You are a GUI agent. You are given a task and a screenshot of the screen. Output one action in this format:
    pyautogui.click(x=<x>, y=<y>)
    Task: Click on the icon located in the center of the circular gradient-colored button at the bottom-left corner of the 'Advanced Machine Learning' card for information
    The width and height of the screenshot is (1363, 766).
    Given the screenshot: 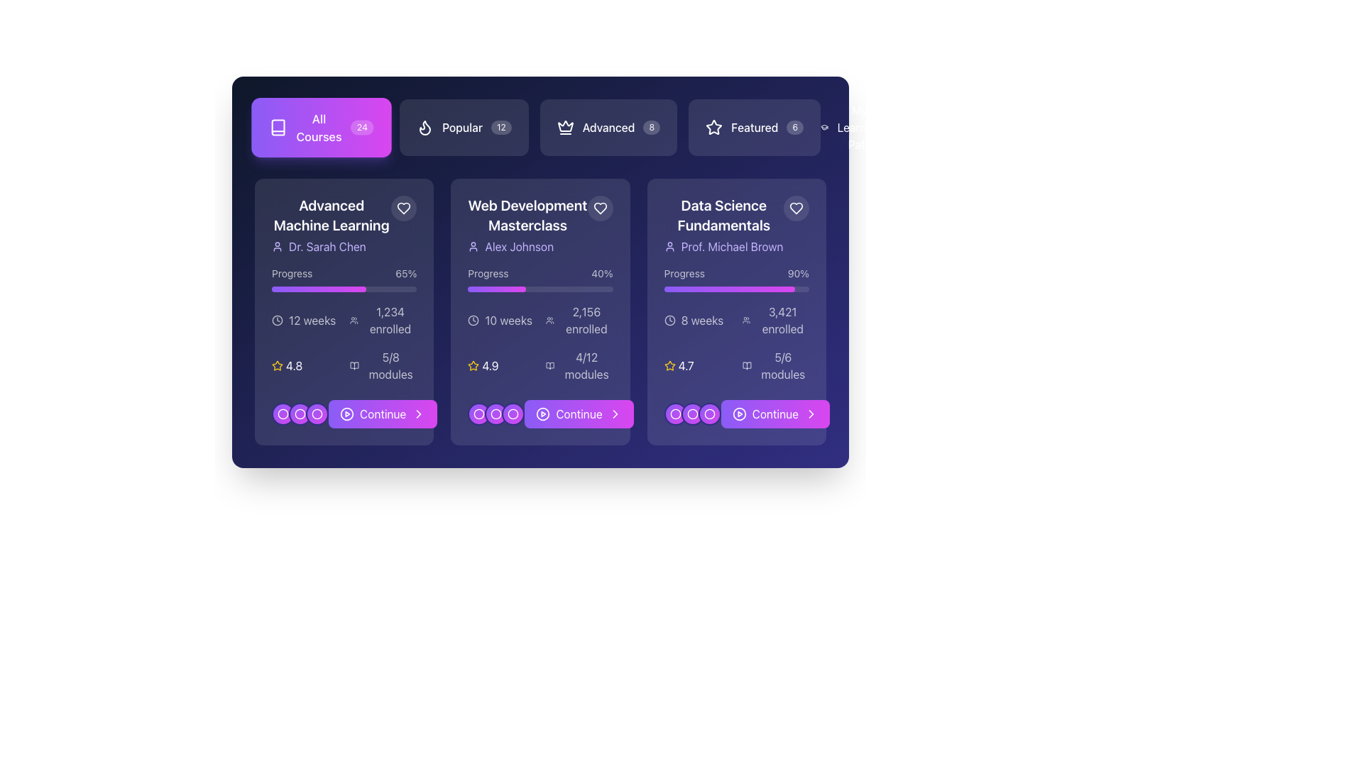 What is the action you would take?
    pyautogui.click(x=299, y=413)
    